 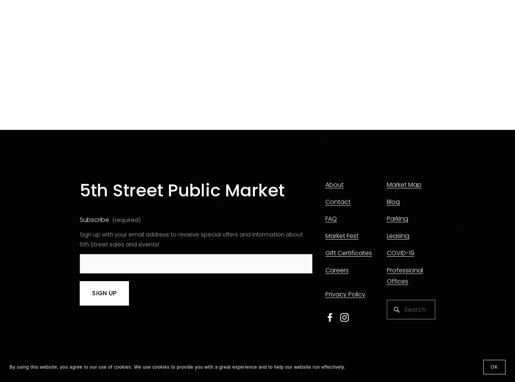 What do you see at coordinates (91, 293) in the screenshot?
I see `'SIGN UP'` at bounding box center [91, 293].